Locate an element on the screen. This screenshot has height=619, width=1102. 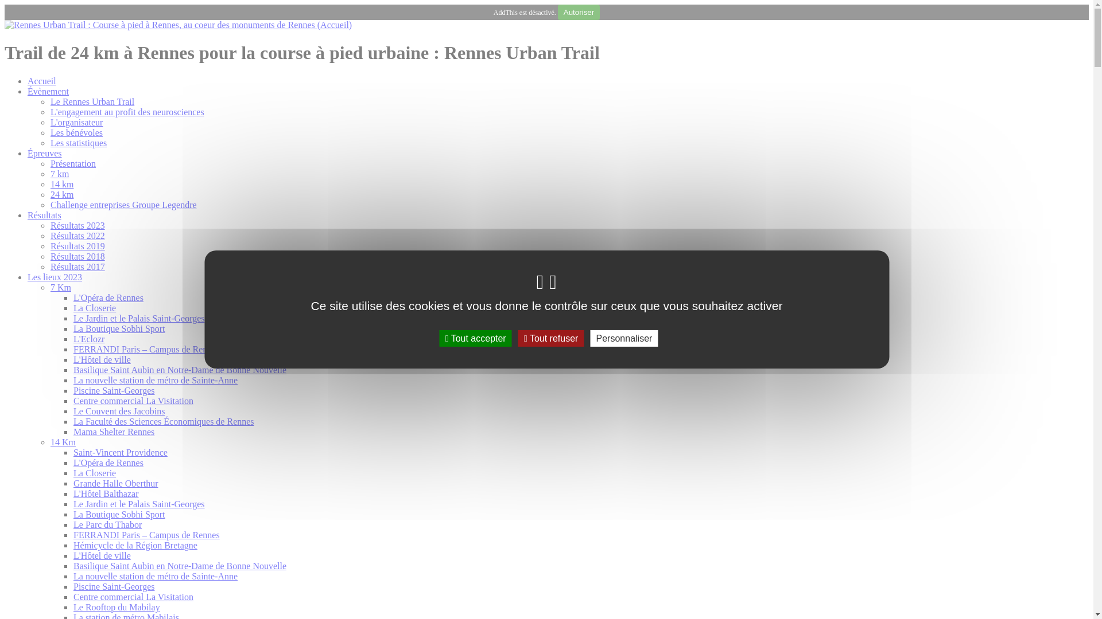
'Les lieux 2023' is located at coordinates (54, 277).